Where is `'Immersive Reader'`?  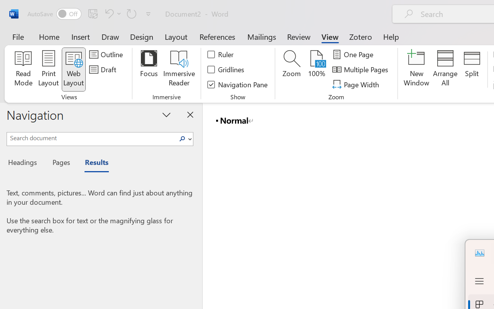 'Immersive Reader' is located at coordinates (179, 69).